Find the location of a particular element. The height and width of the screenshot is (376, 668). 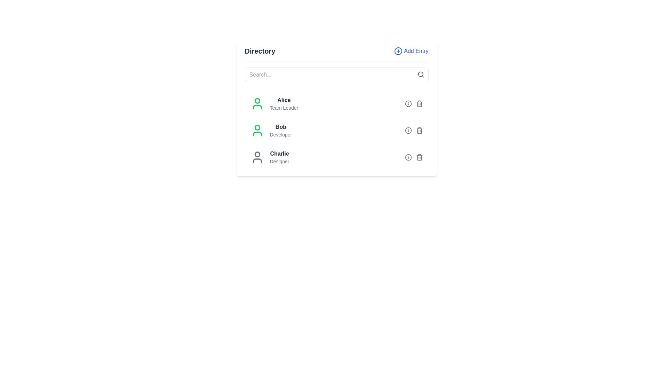

the small circle element inside the SVG avatar icon representing the head of 'Alice' in the list is located at coordinates (257, 101).